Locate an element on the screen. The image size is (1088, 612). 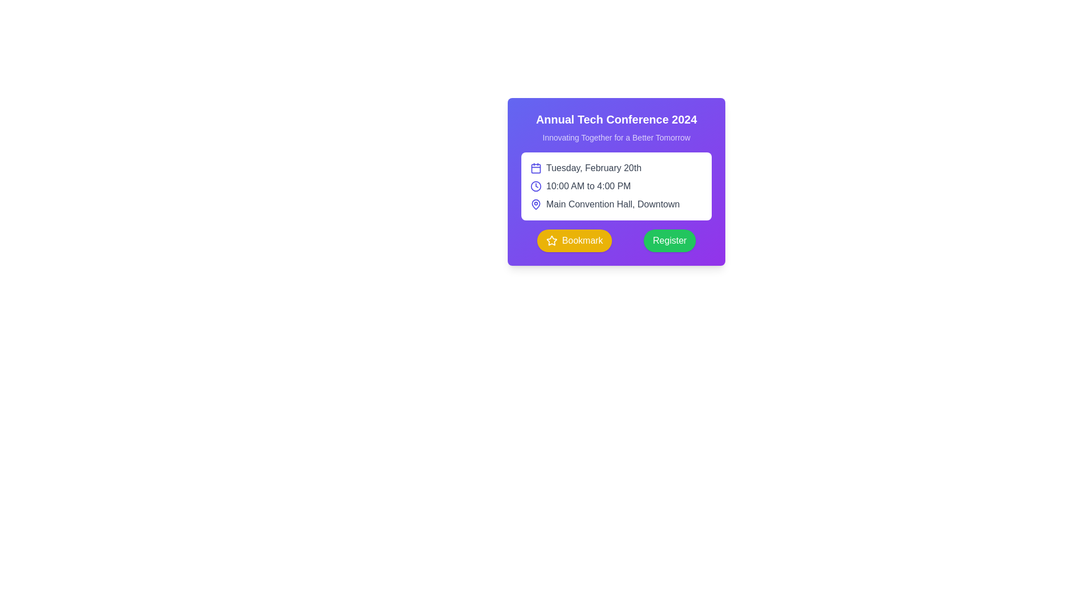
the static text element displaying 'Tuesday, February 20th', which is styled in dark color and serves as a date label in a white content box within a purple card is located at coordinates (593, 168).